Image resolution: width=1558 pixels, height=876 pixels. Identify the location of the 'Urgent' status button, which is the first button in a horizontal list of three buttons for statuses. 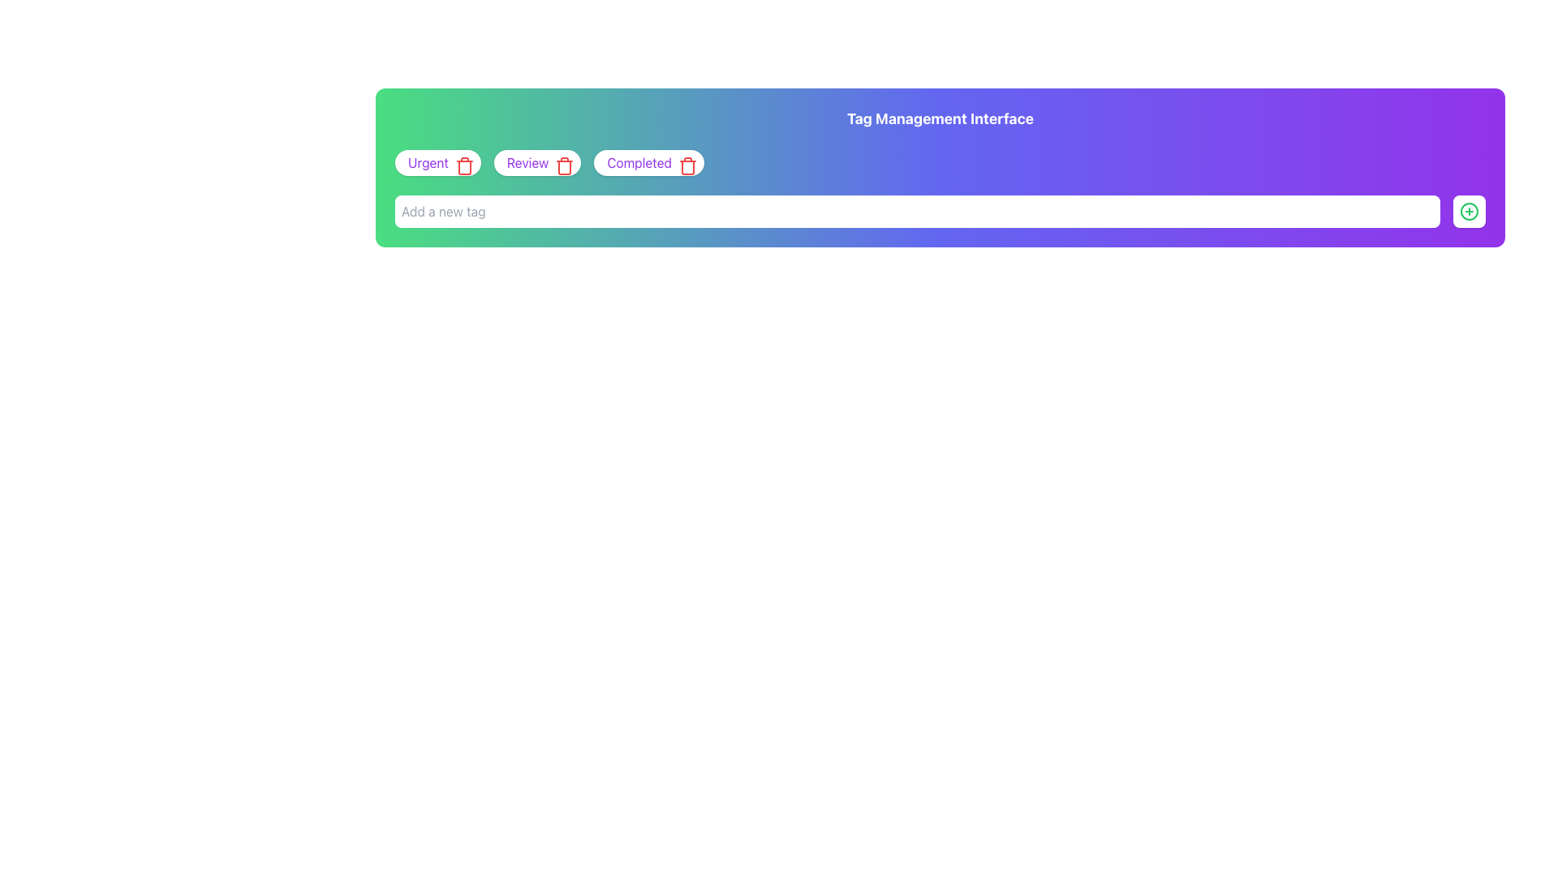
(437, 162).